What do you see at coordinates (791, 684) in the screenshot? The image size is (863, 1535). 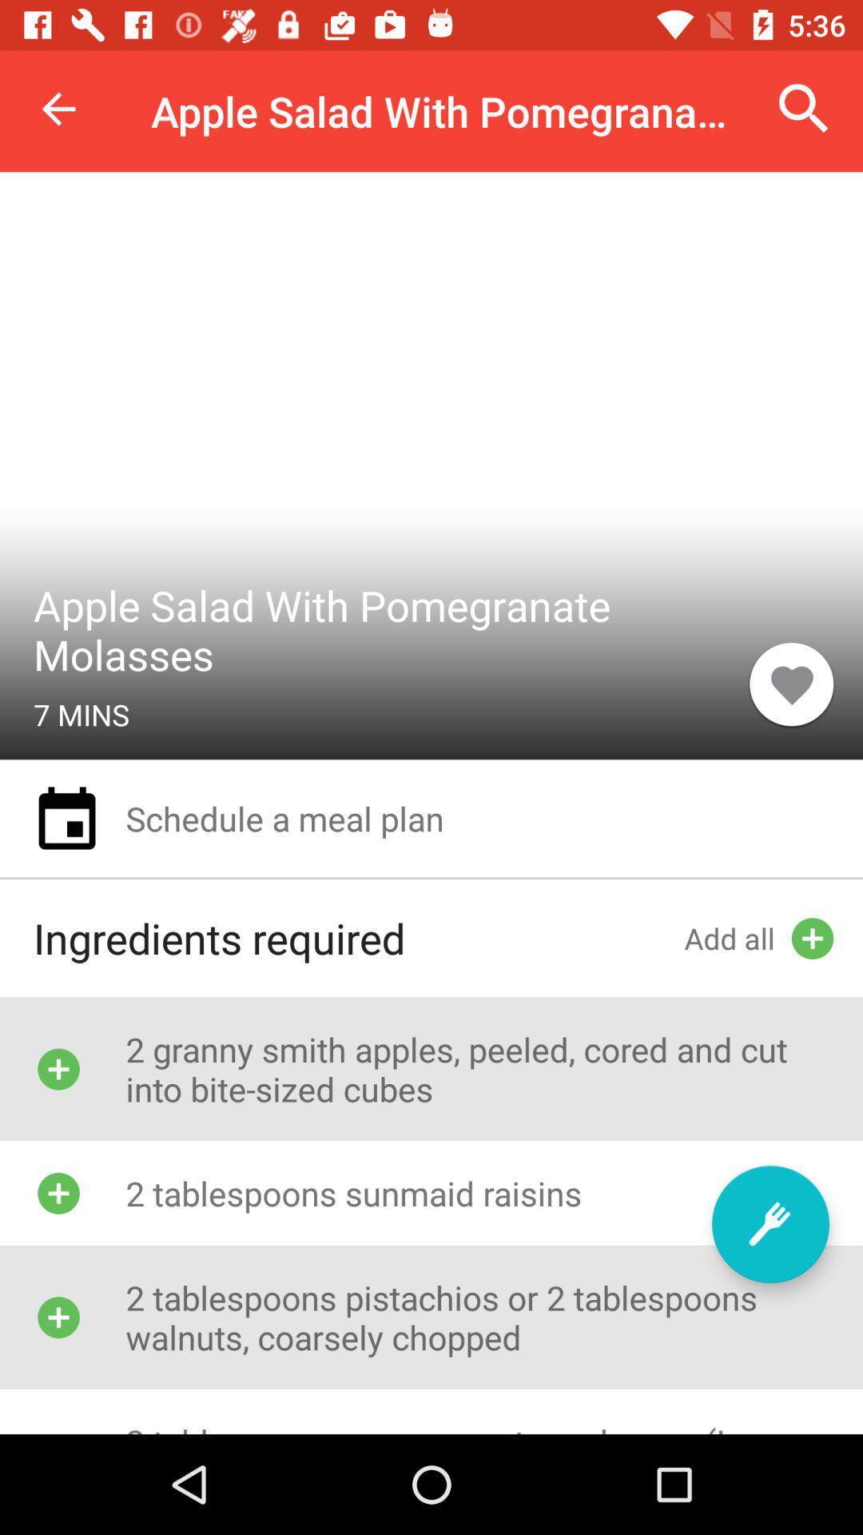 I see `icon to the right of the apple salad with icon` at bounding box center [791, 684].